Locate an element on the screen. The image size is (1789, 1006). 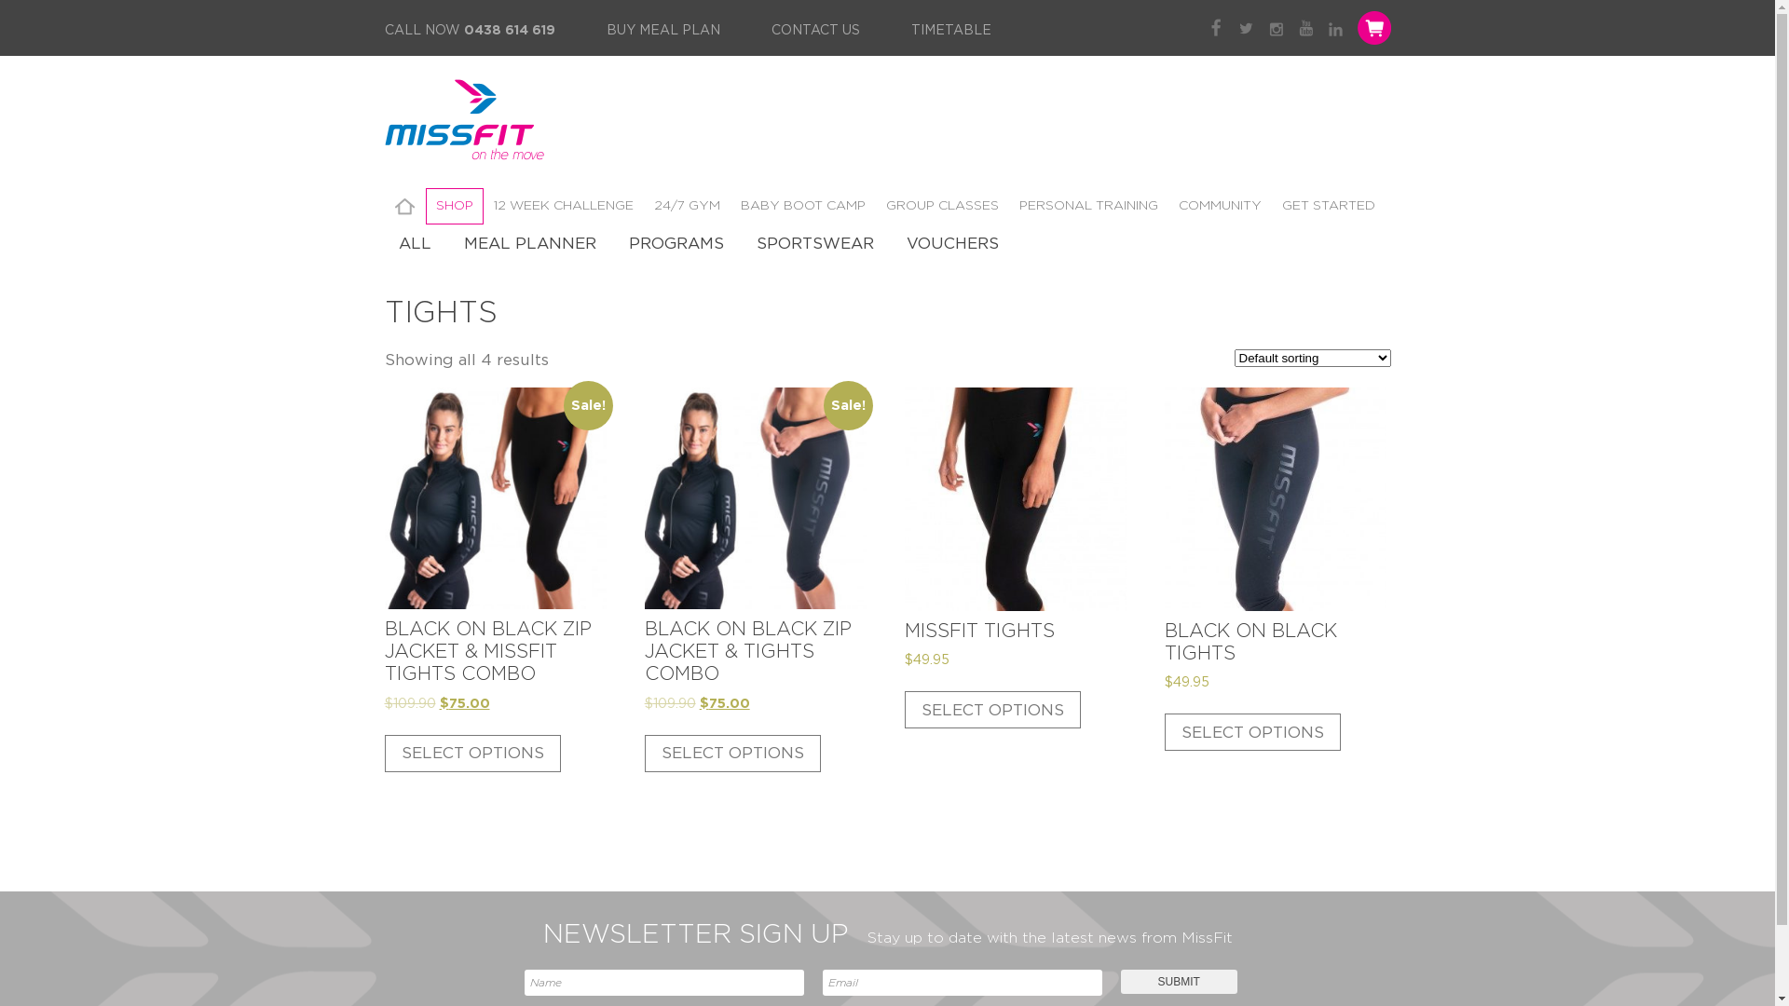
'COMMUNITY' is located at coordinates (1167, 206).